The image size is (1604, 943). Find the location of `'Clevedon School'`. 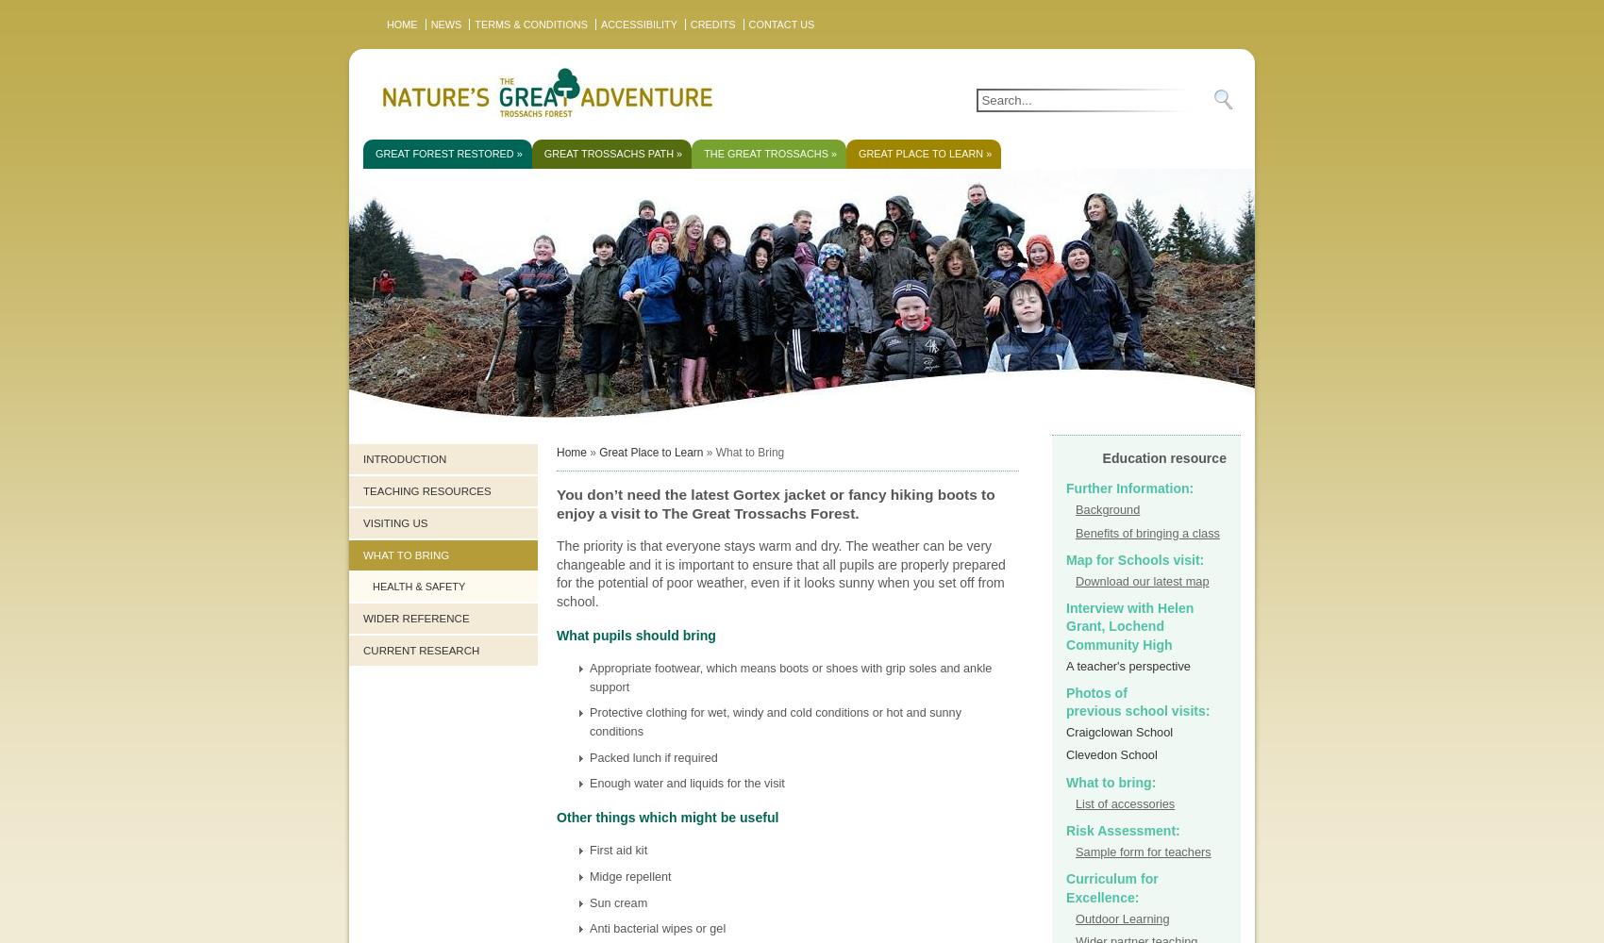

'Clevedon School' is located at coordinates (1065, 754).